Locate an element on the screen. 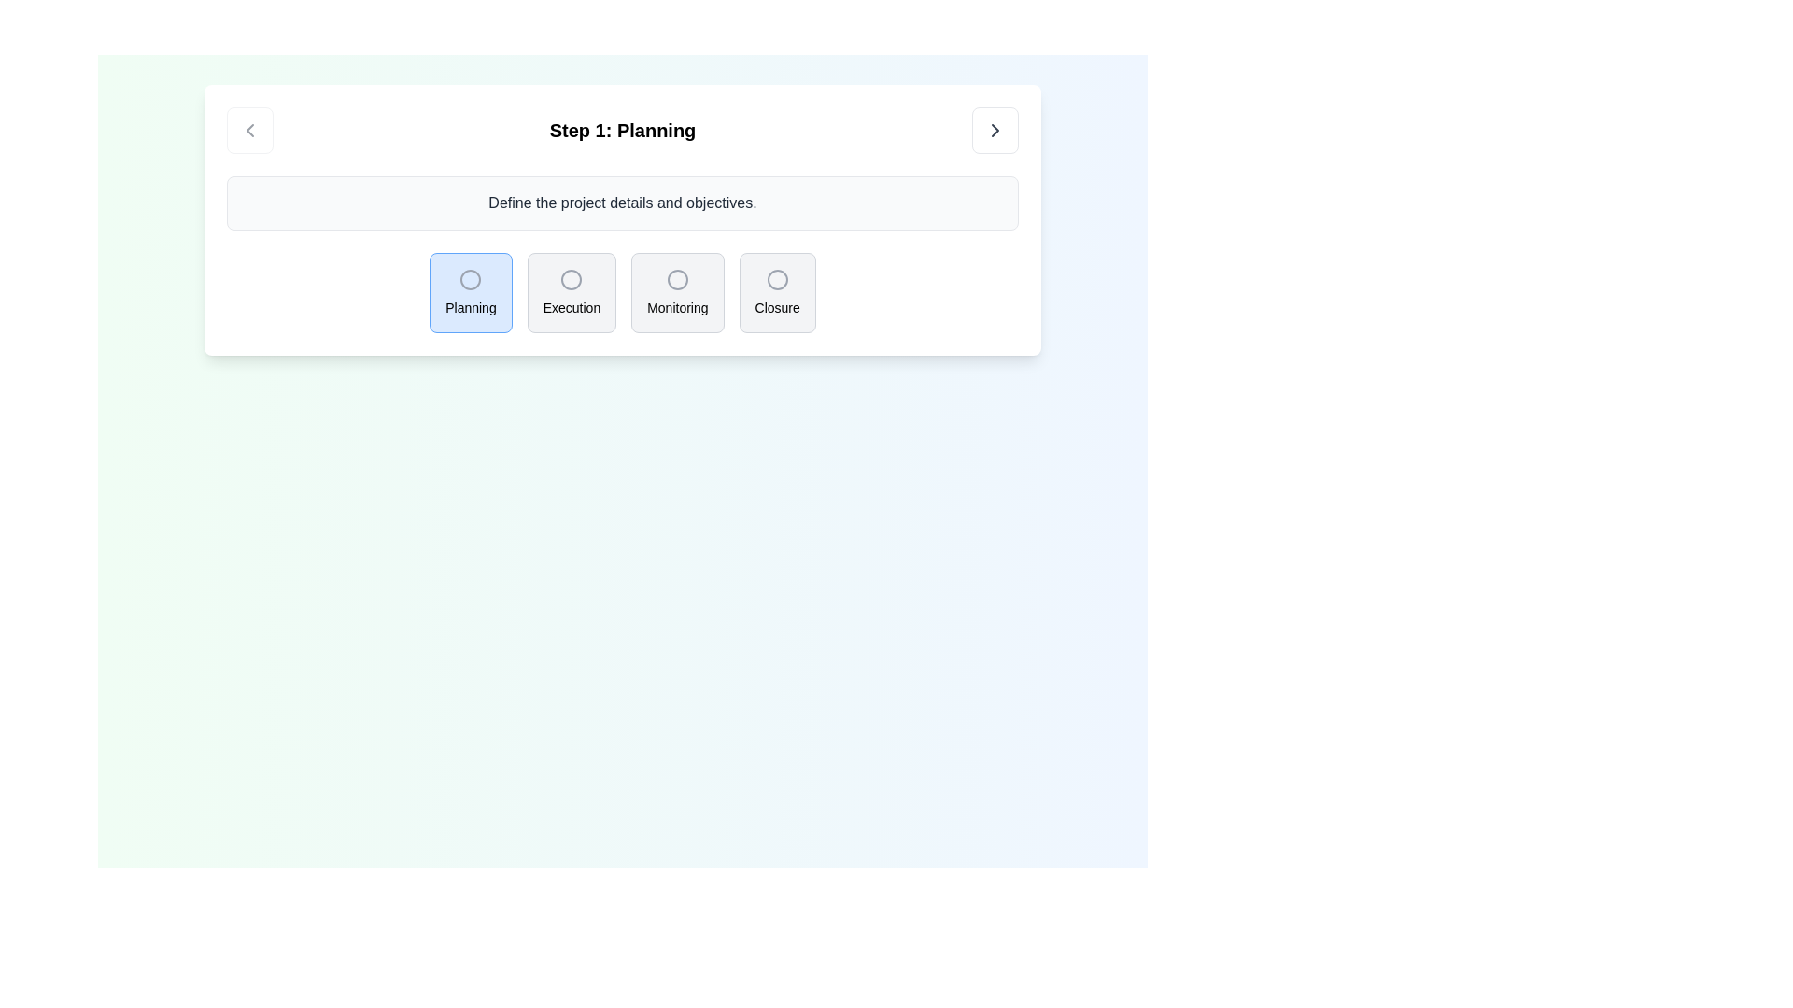 Image resolution: width=1793 pixels, height=1008 pixels. the chevron-left arrow icon located within the navigation button adjacent to the title 'Step 1: Planning' is located at coordinates (249, 129).